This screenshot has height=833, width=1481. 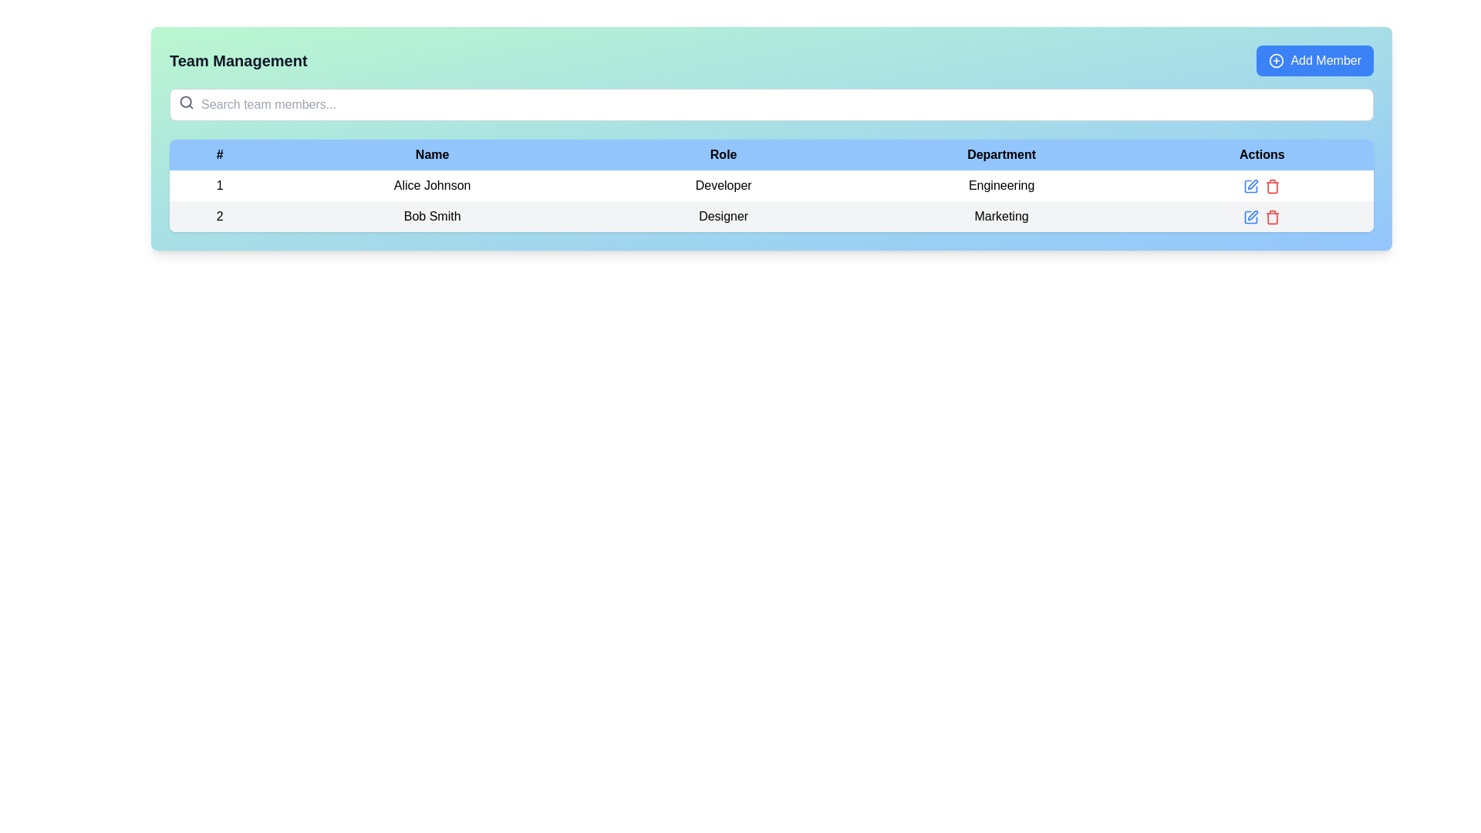 I want to click on the magnifying glass icon which contains the SVG circle element for searching a team member, so click(x=185, y=102).